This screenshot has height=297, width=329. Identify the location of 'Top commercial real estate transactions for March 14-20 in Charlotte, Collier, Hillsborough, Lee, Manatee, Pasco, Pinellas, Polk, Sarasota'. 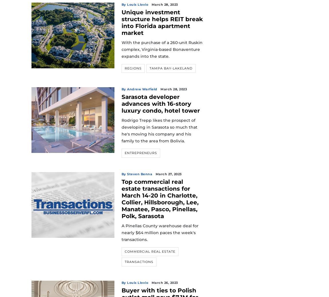
(160, 198).